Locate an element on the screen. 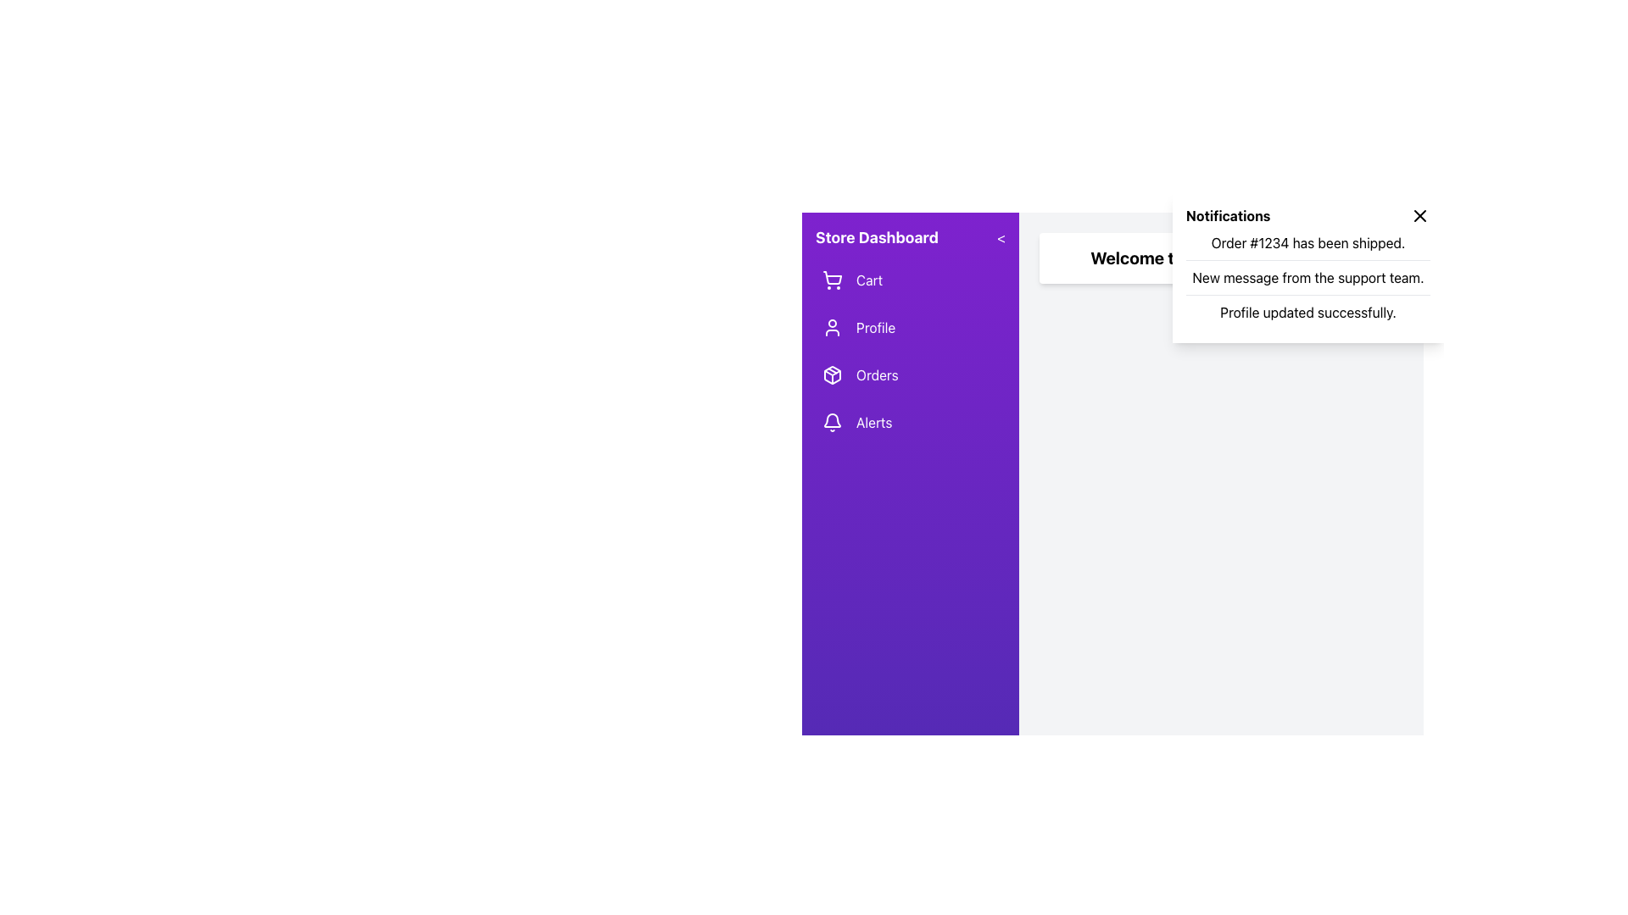 The height and width of the screenshot is (915, 1628). the third notification message in the 'Notifications' box that reads 'Profile updated successfully.' is located at coordinates (1307, 311).